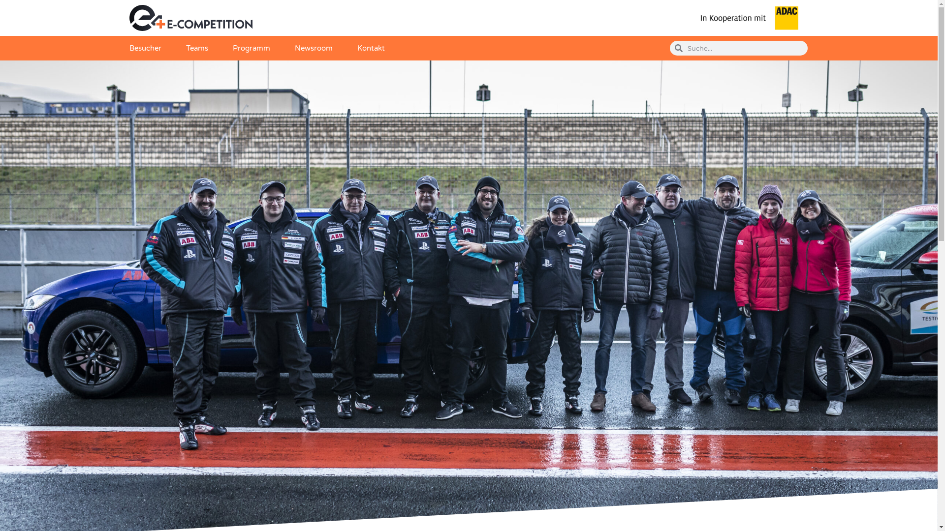  Describe the element at coordinates (251, 48) in the screenshot. I see `'Programm'` at that location.